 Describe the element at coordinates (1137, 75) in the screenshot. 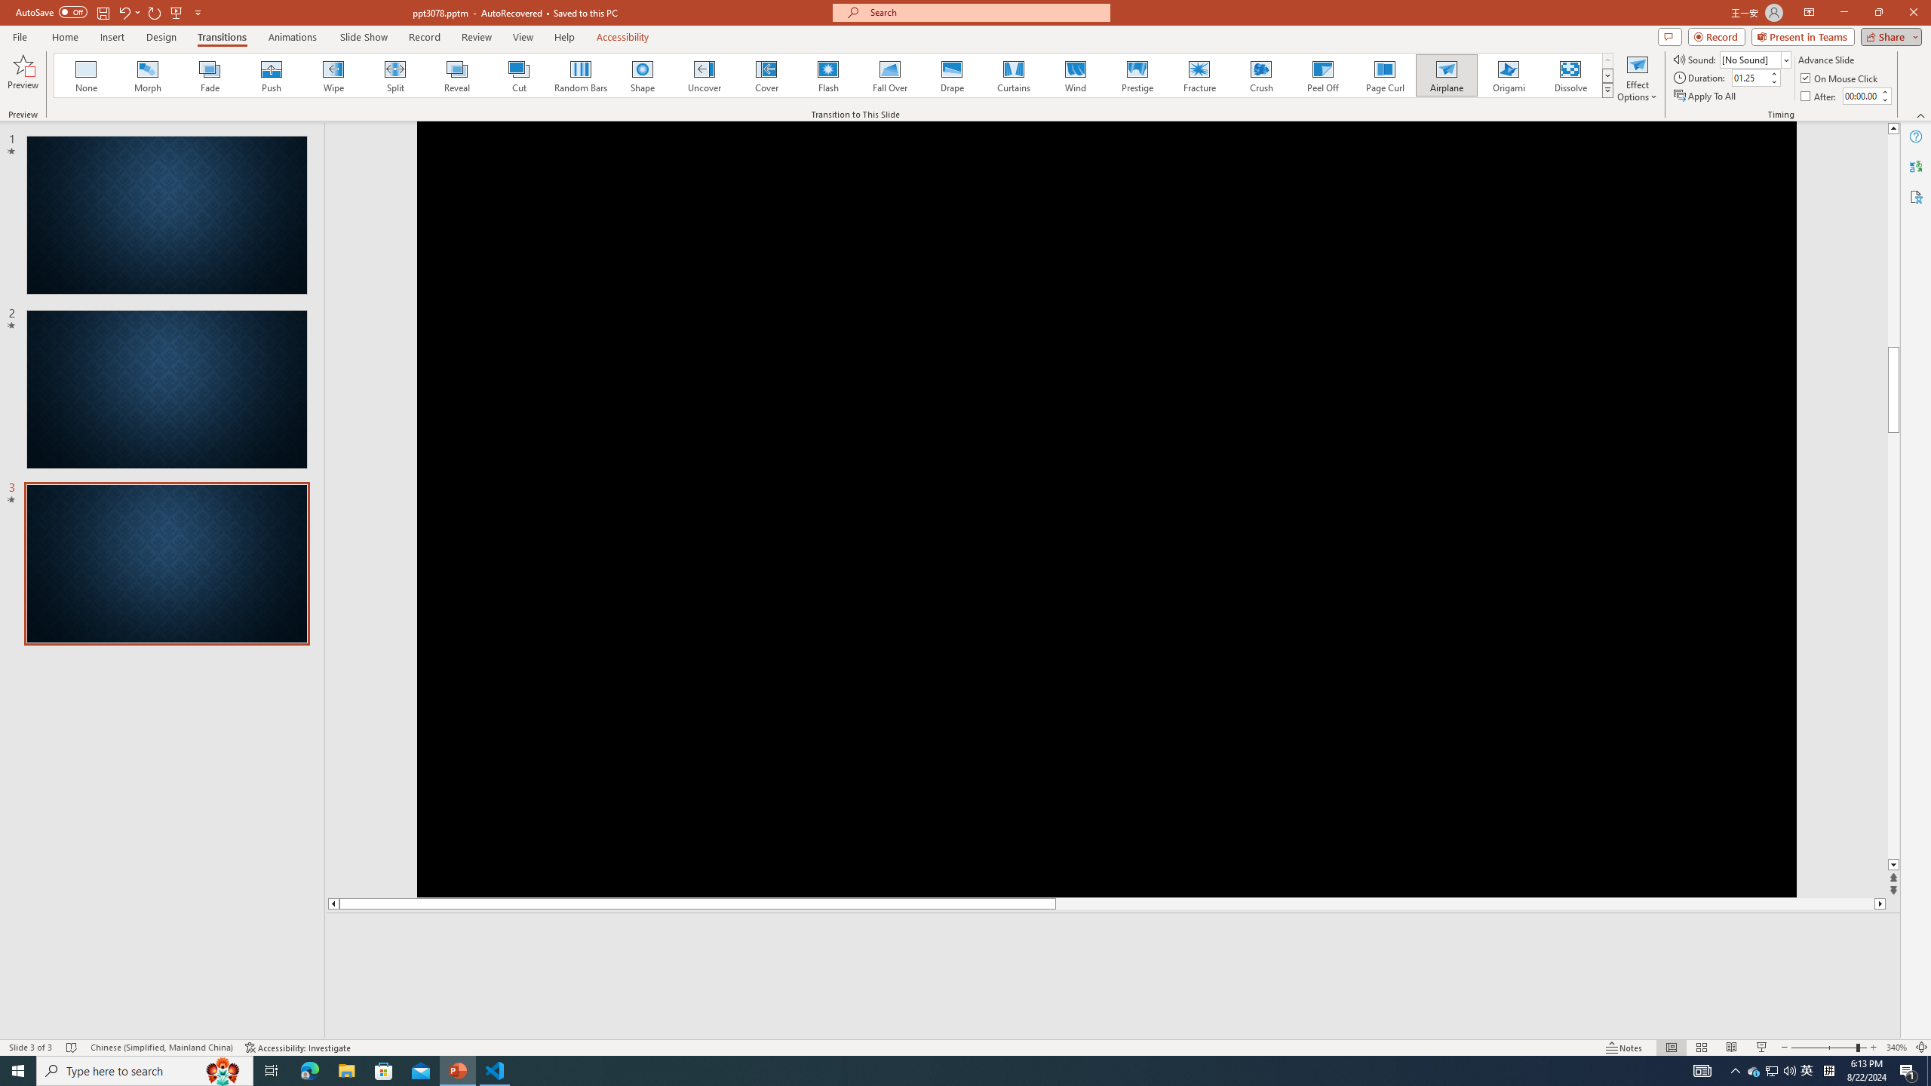

I see `'Prestige'` at that location.